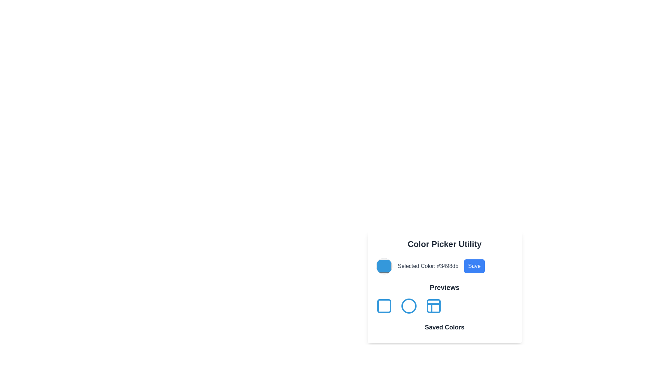 The image size is (661, 371). Describe the element at coordinates (444, 266) in the screenshot. I see `displayed HEX code '#3498db' from the label 'Selected Color: #3498db' in the color picker utility group, which is located beneath the heading 'Color Picker Utility'` at that location.